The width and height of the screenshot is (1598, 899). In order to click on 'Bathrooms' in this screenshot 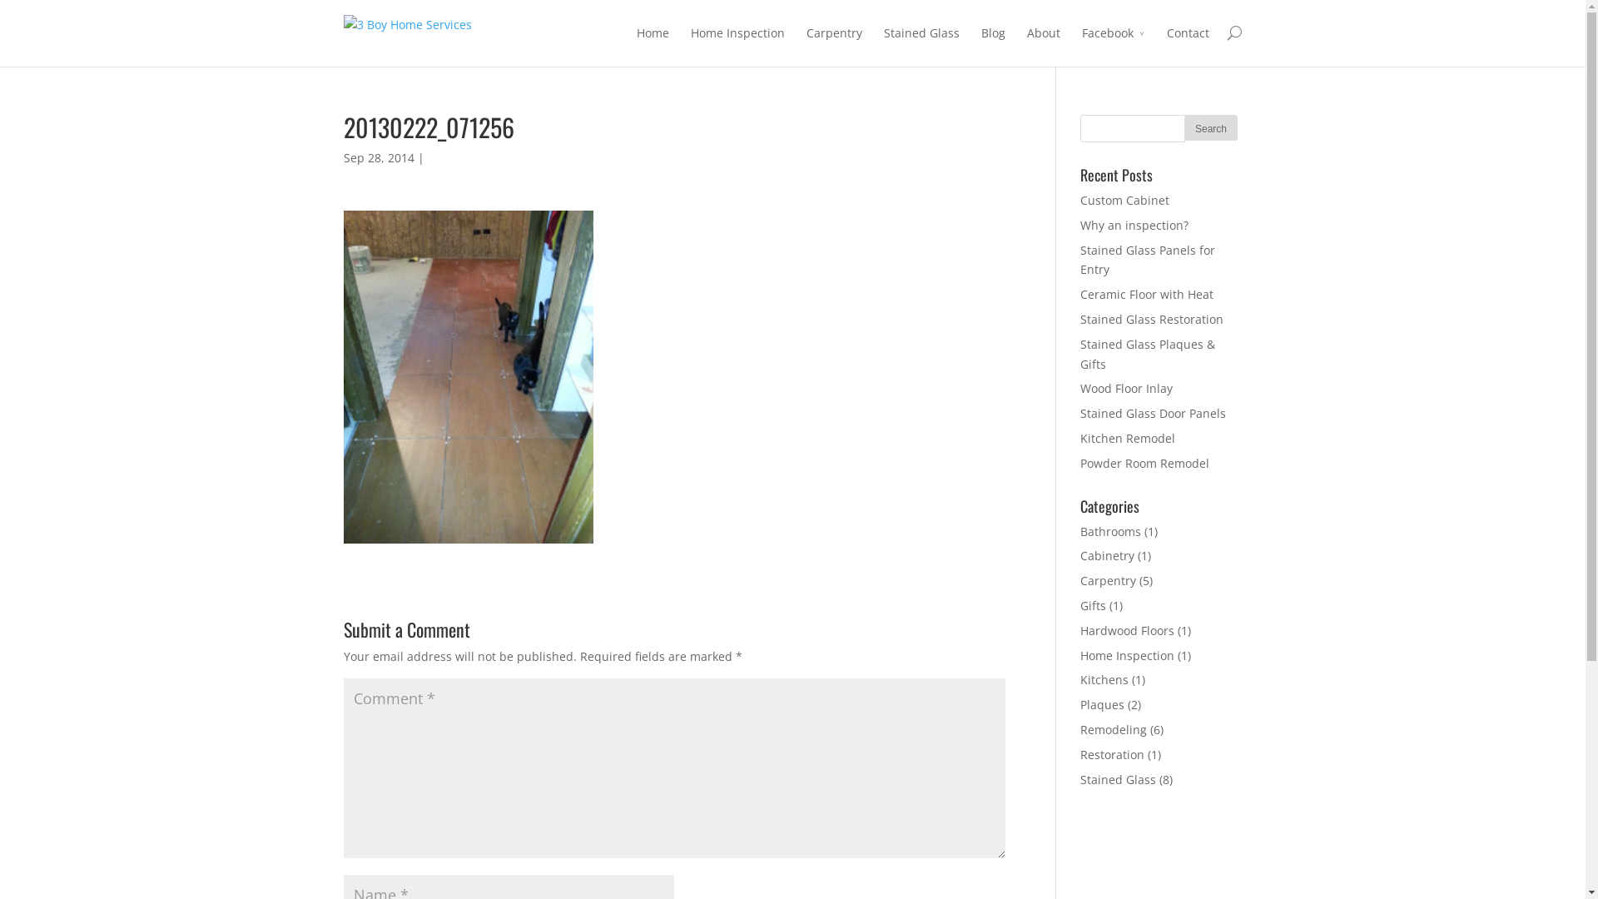, I will do `click(1110, 531)`.